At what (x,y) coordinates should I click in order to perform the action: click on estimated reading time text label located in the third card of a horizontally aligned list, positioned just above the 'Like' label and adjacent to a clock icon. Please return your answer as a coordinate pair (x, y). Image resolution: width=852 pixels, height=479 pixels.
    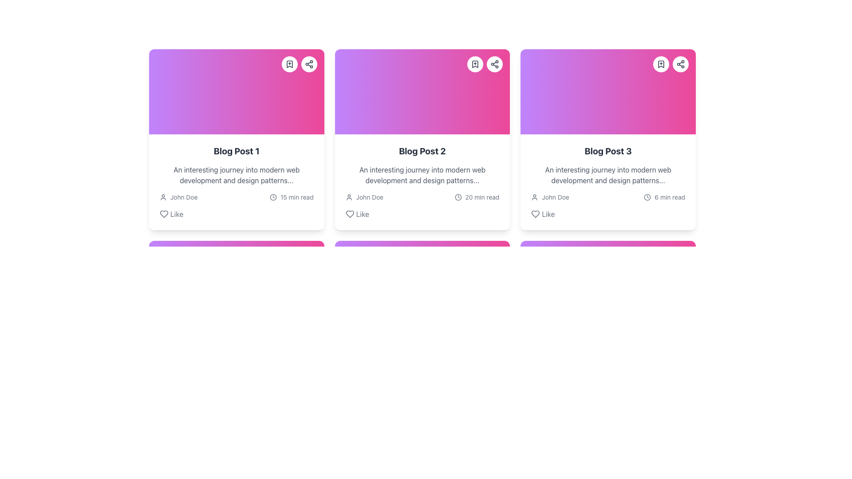
    Looking at the image, I should click on (670, 196).